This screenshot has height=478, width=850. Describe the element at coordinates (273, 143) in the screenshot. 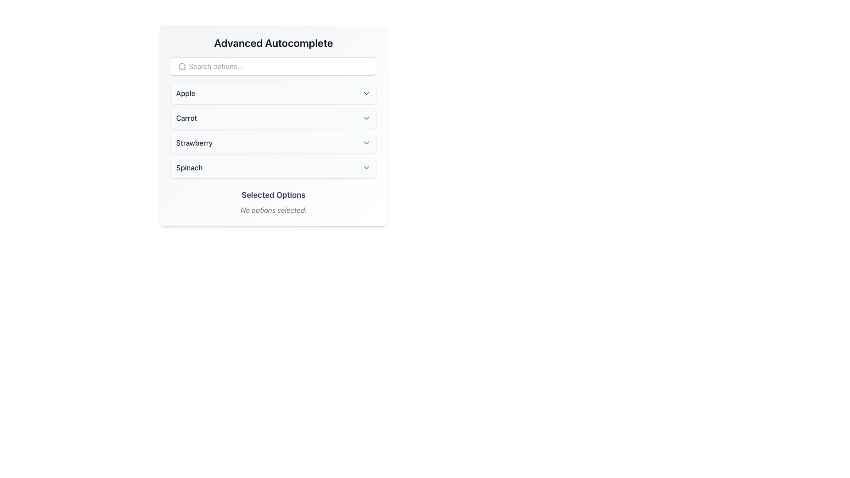

I see `the selectable list item for 'Strawberry'` at that location.